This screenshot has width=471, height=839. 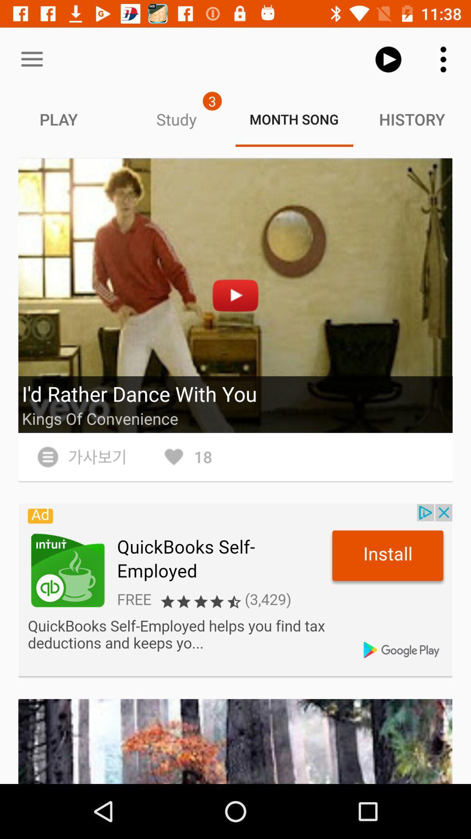 I want to click on video, so click(x=235, y=295).